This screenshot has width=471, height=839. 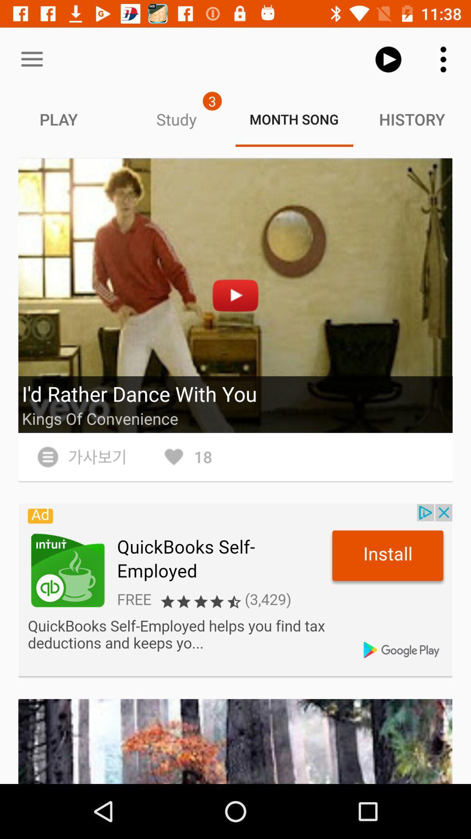 I want to click on video, so click(x=235, y=295).